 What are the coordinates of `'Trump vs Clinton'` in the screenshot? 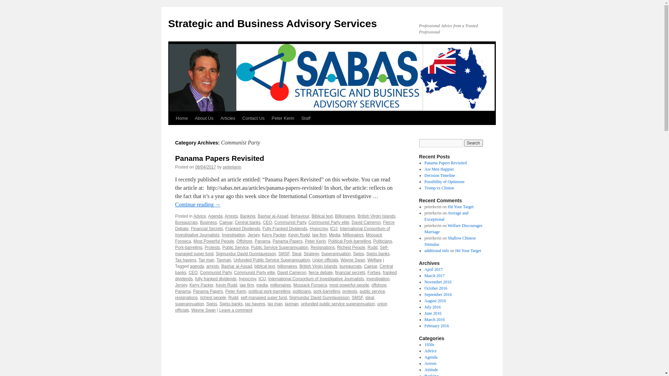 It's located at (424, 188).